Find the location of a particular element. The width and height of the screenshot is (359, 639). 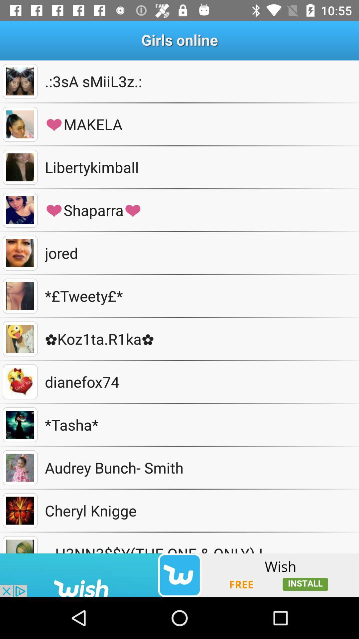

games button is located at coordinates (20, 510).